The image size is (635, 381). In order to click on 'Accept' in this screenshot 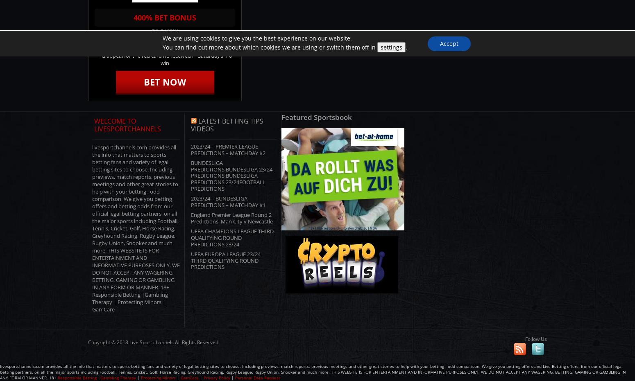, I will do `click(449, 43)`.